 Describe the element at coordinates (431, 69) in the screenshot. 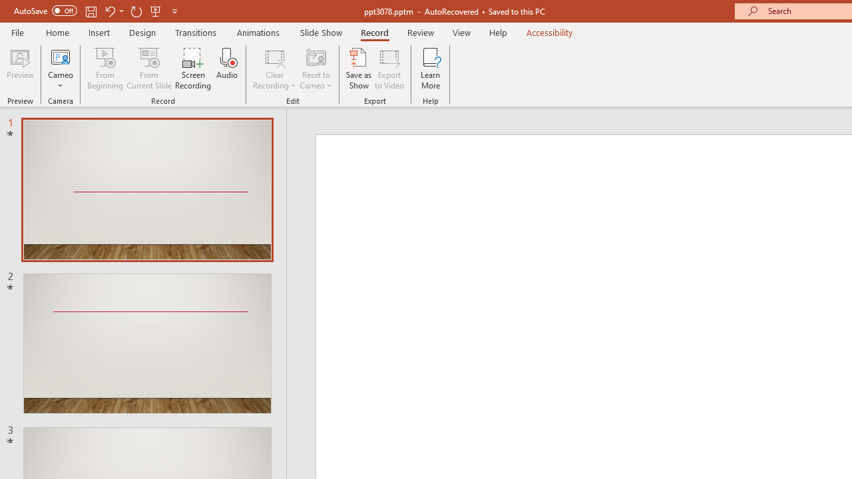

I see `'Learn More'` at that location.